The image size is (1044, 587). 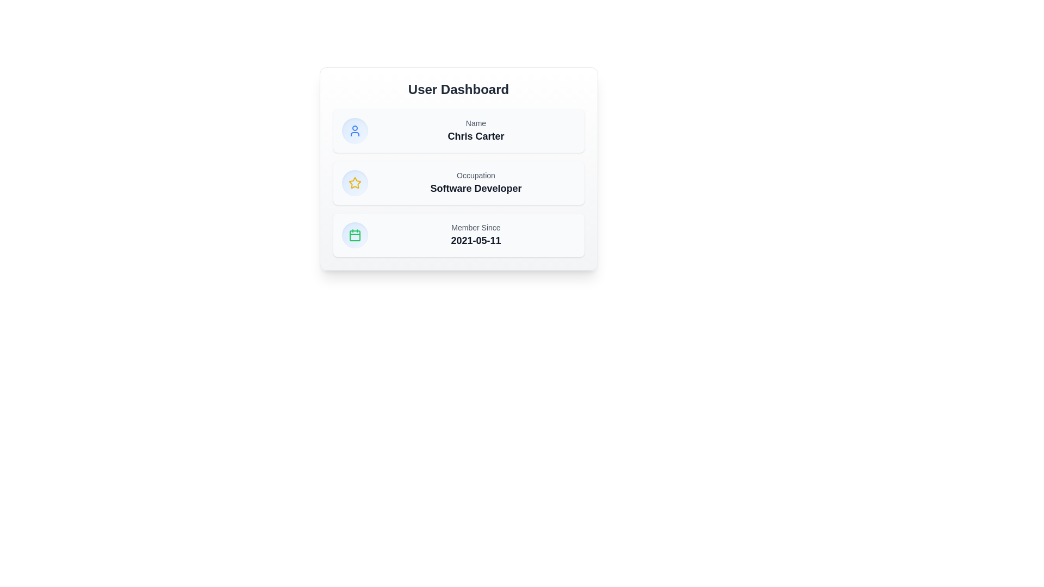 I want to click on the 'Member Since' text display element that shows the date '2021-05-11', located in the third section of the dashboard card, to the right of the calendar icon, so click(x=476, y=234).